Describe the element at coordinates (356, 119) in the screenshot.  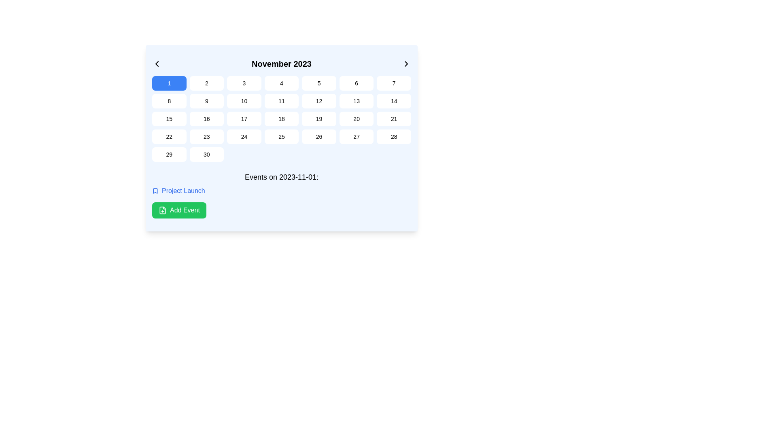
I see `the selectable date button for the 20th in the calendar grid` at that location.